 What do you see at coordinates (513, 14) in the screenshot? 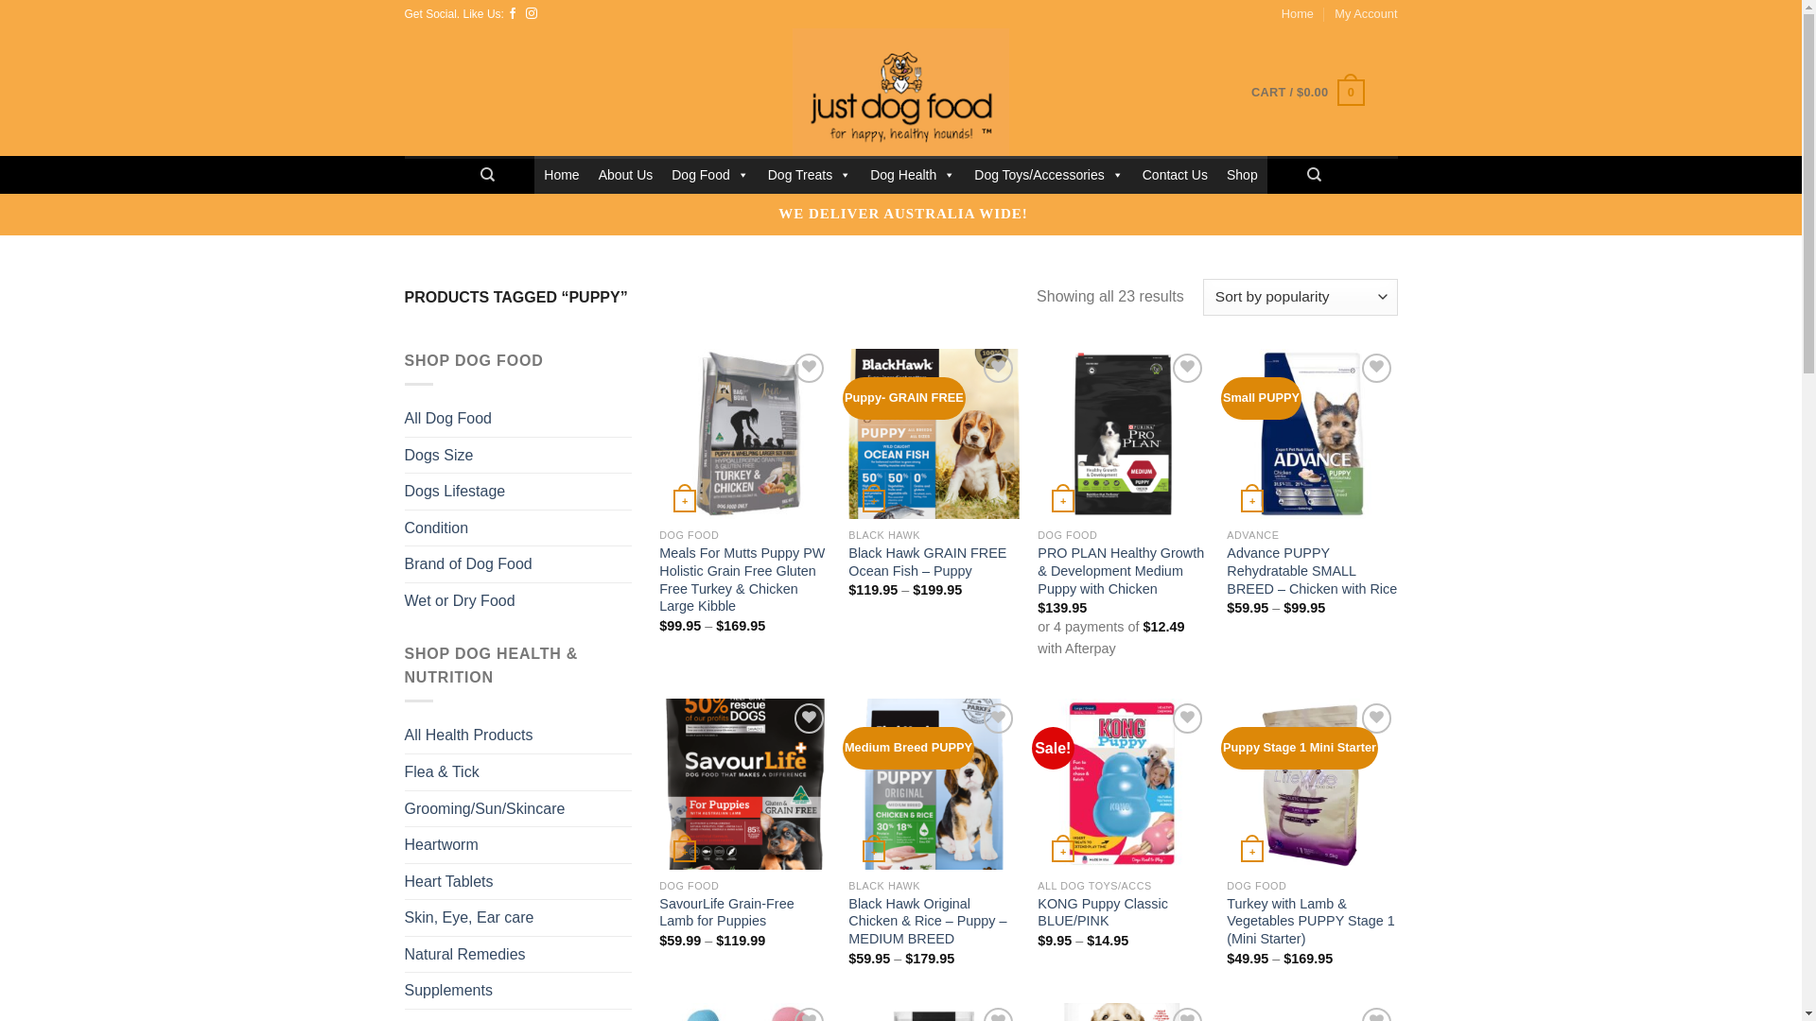
I see `'Follow on Facebook'` at bounding box center [513, 14].